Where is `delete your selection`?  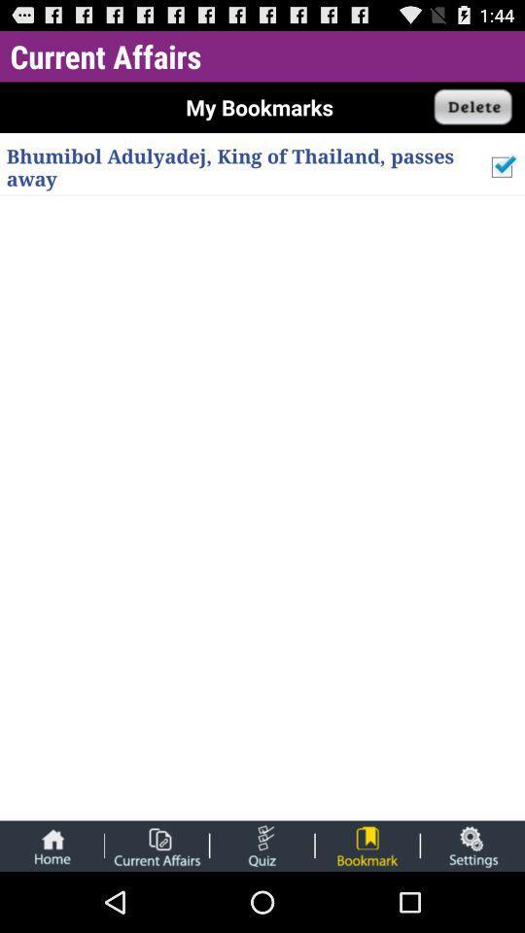
delete your selection is located at coordinates (472, 107).